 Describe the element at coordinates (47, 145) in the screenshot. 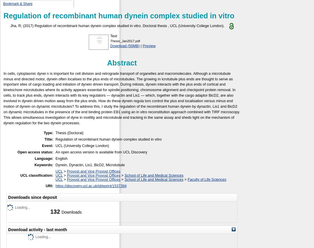

I see `'Event:'` at that location.